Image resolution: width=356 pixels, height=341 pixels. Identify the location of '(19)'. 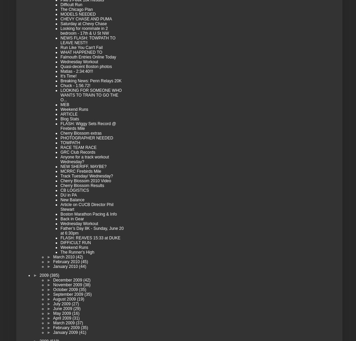
(80, 299).